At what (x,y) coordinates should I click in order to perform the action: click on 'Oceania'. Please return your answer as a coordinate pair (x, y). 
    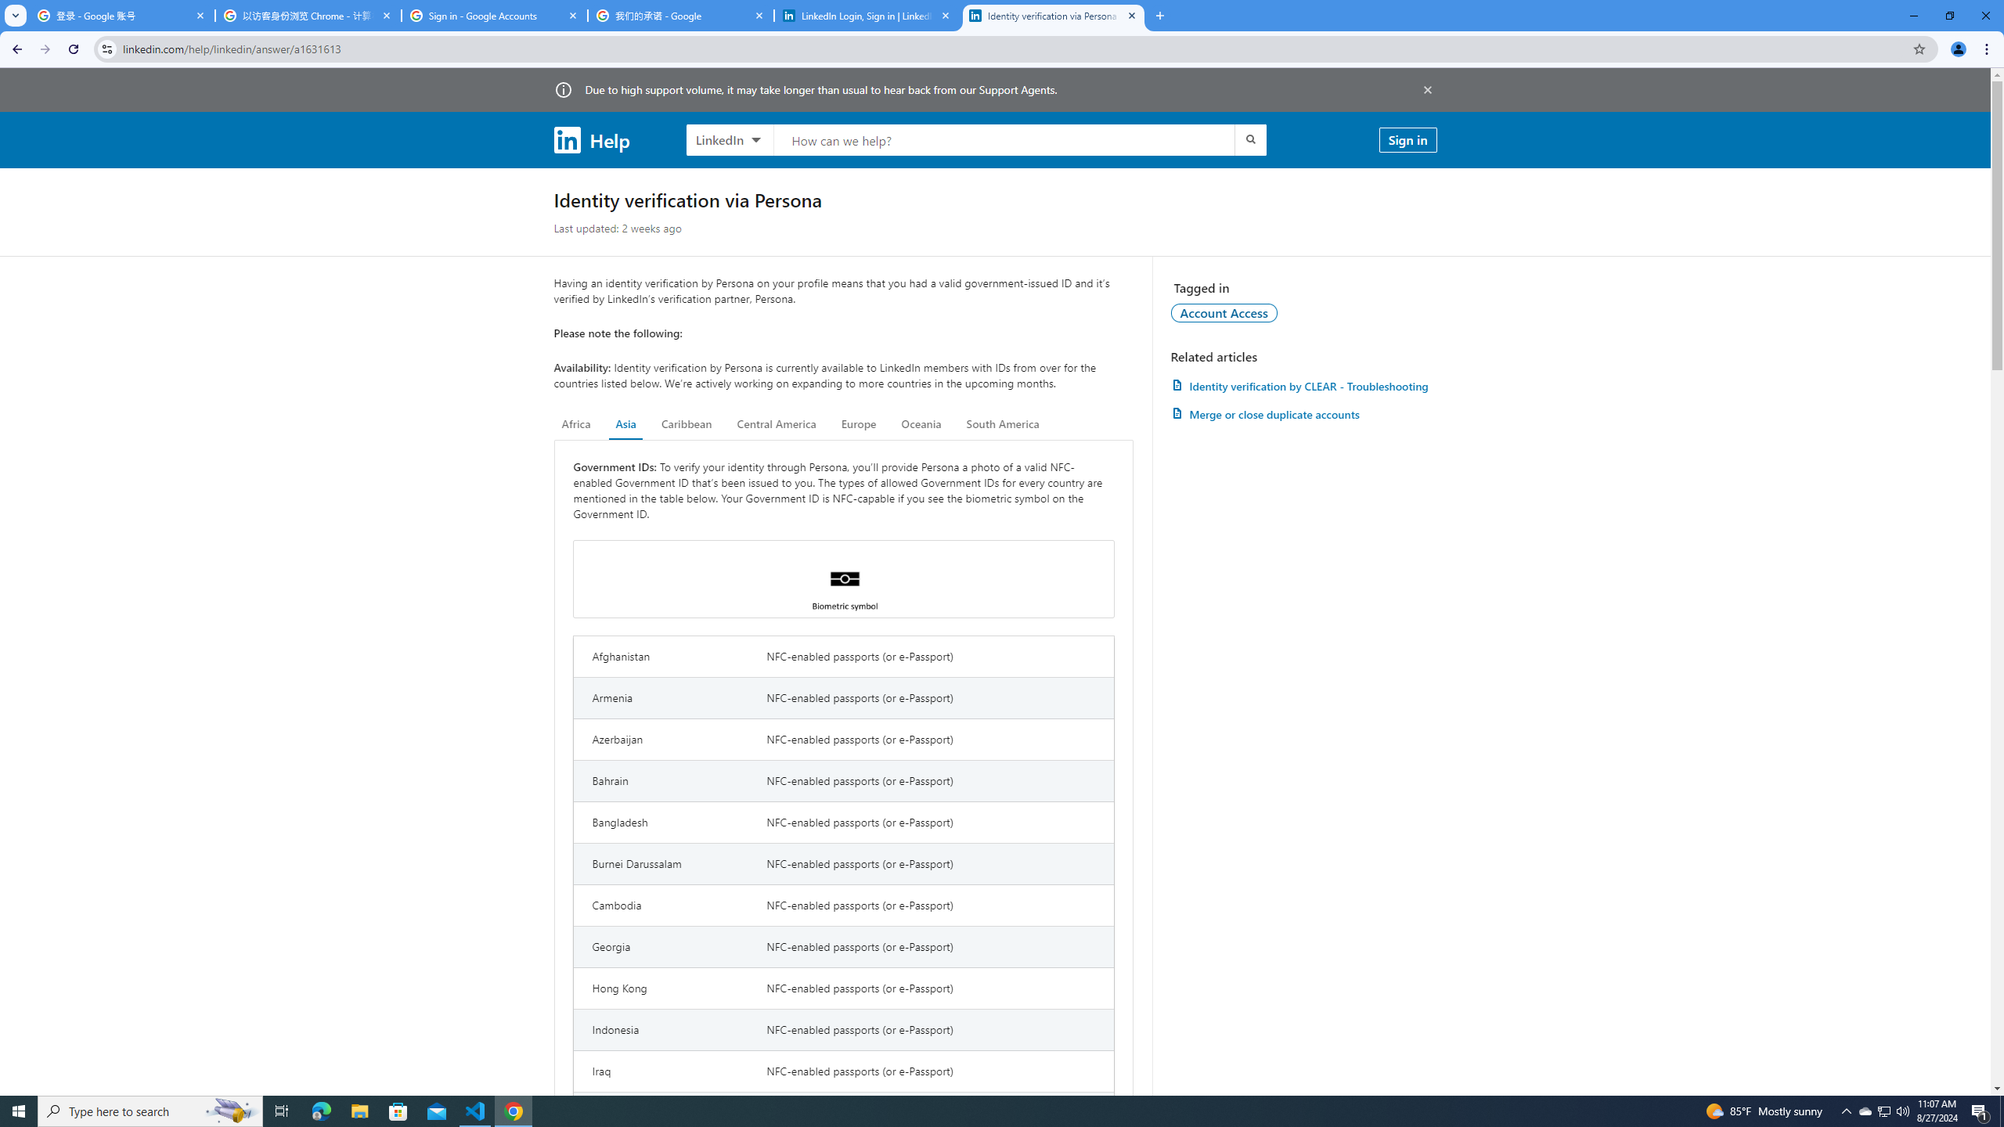
    Looking at the image, I should click on (920, 423).